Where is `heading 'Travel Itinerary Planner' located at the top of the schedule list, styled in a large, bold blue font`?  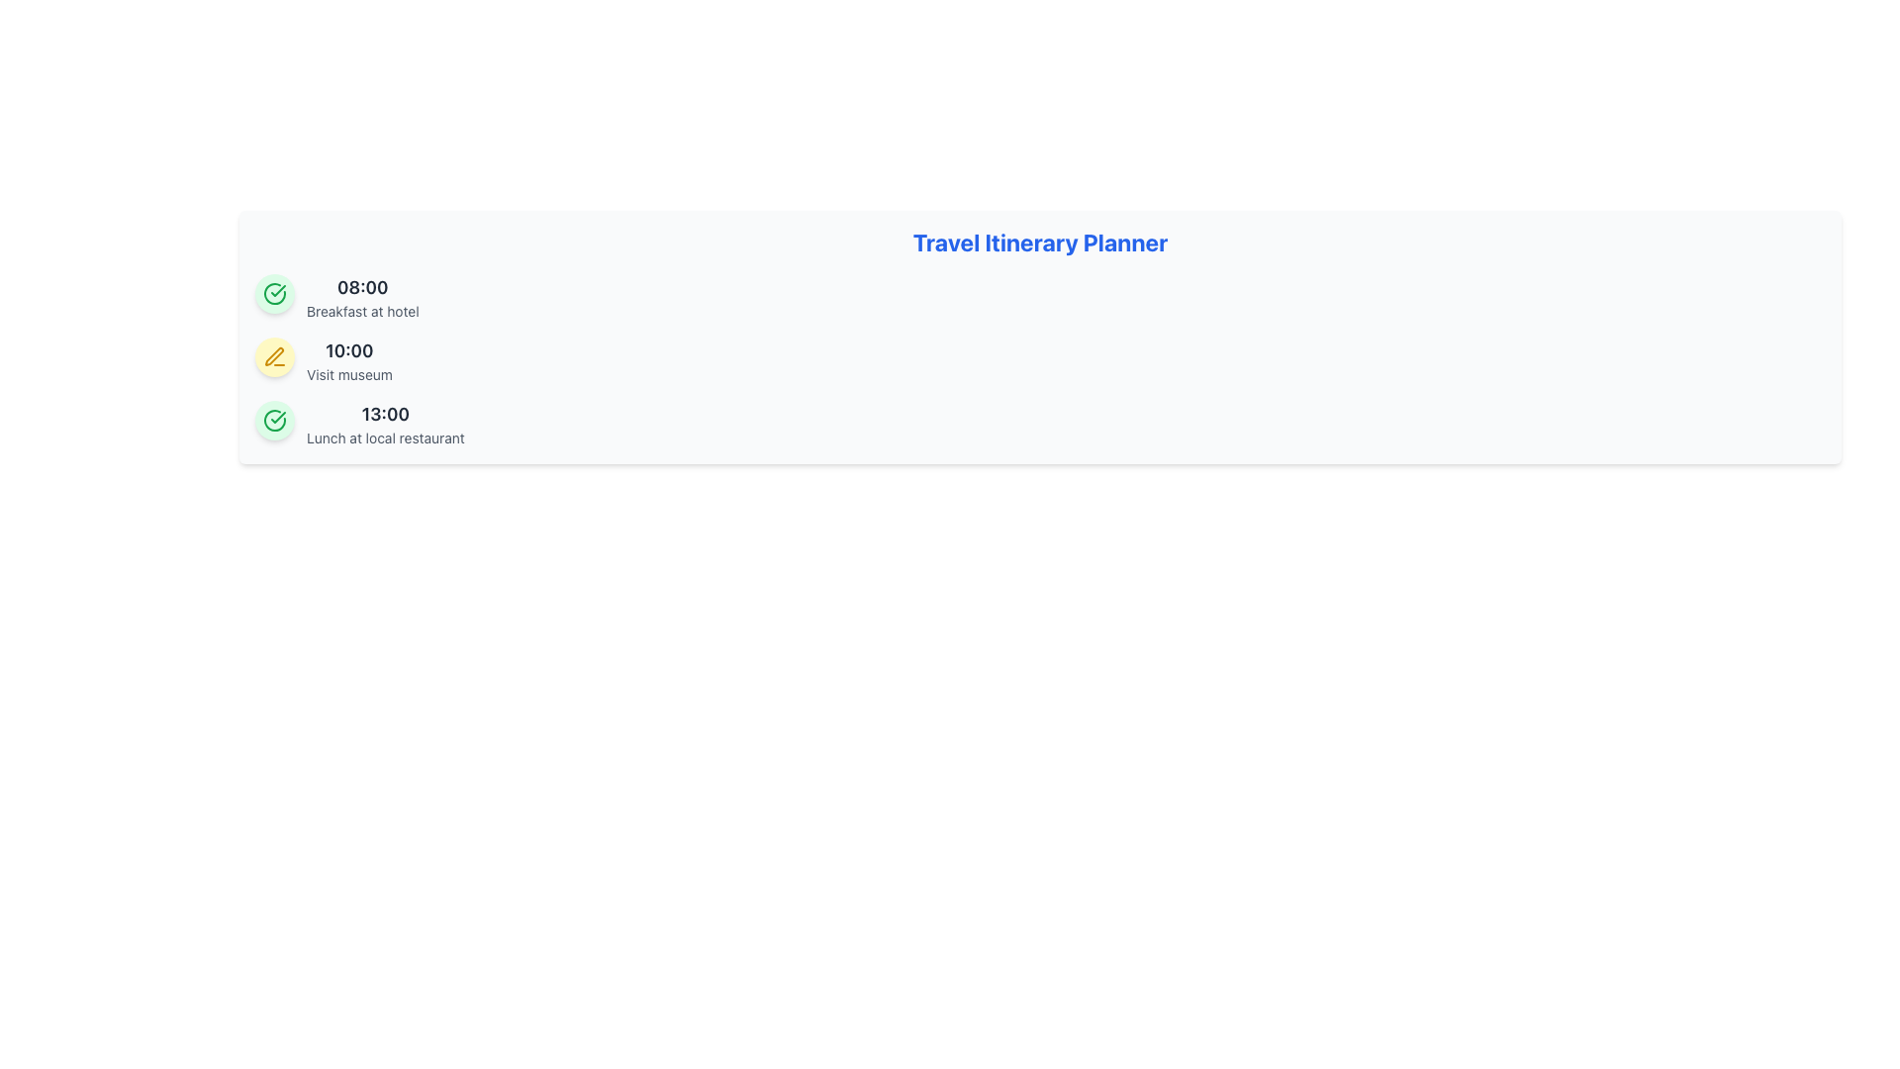 heading 'Travel Itinerary Planner' located at the top of the schedule list, styled in a large, bold blue font is located at coordinates (1039, 242).